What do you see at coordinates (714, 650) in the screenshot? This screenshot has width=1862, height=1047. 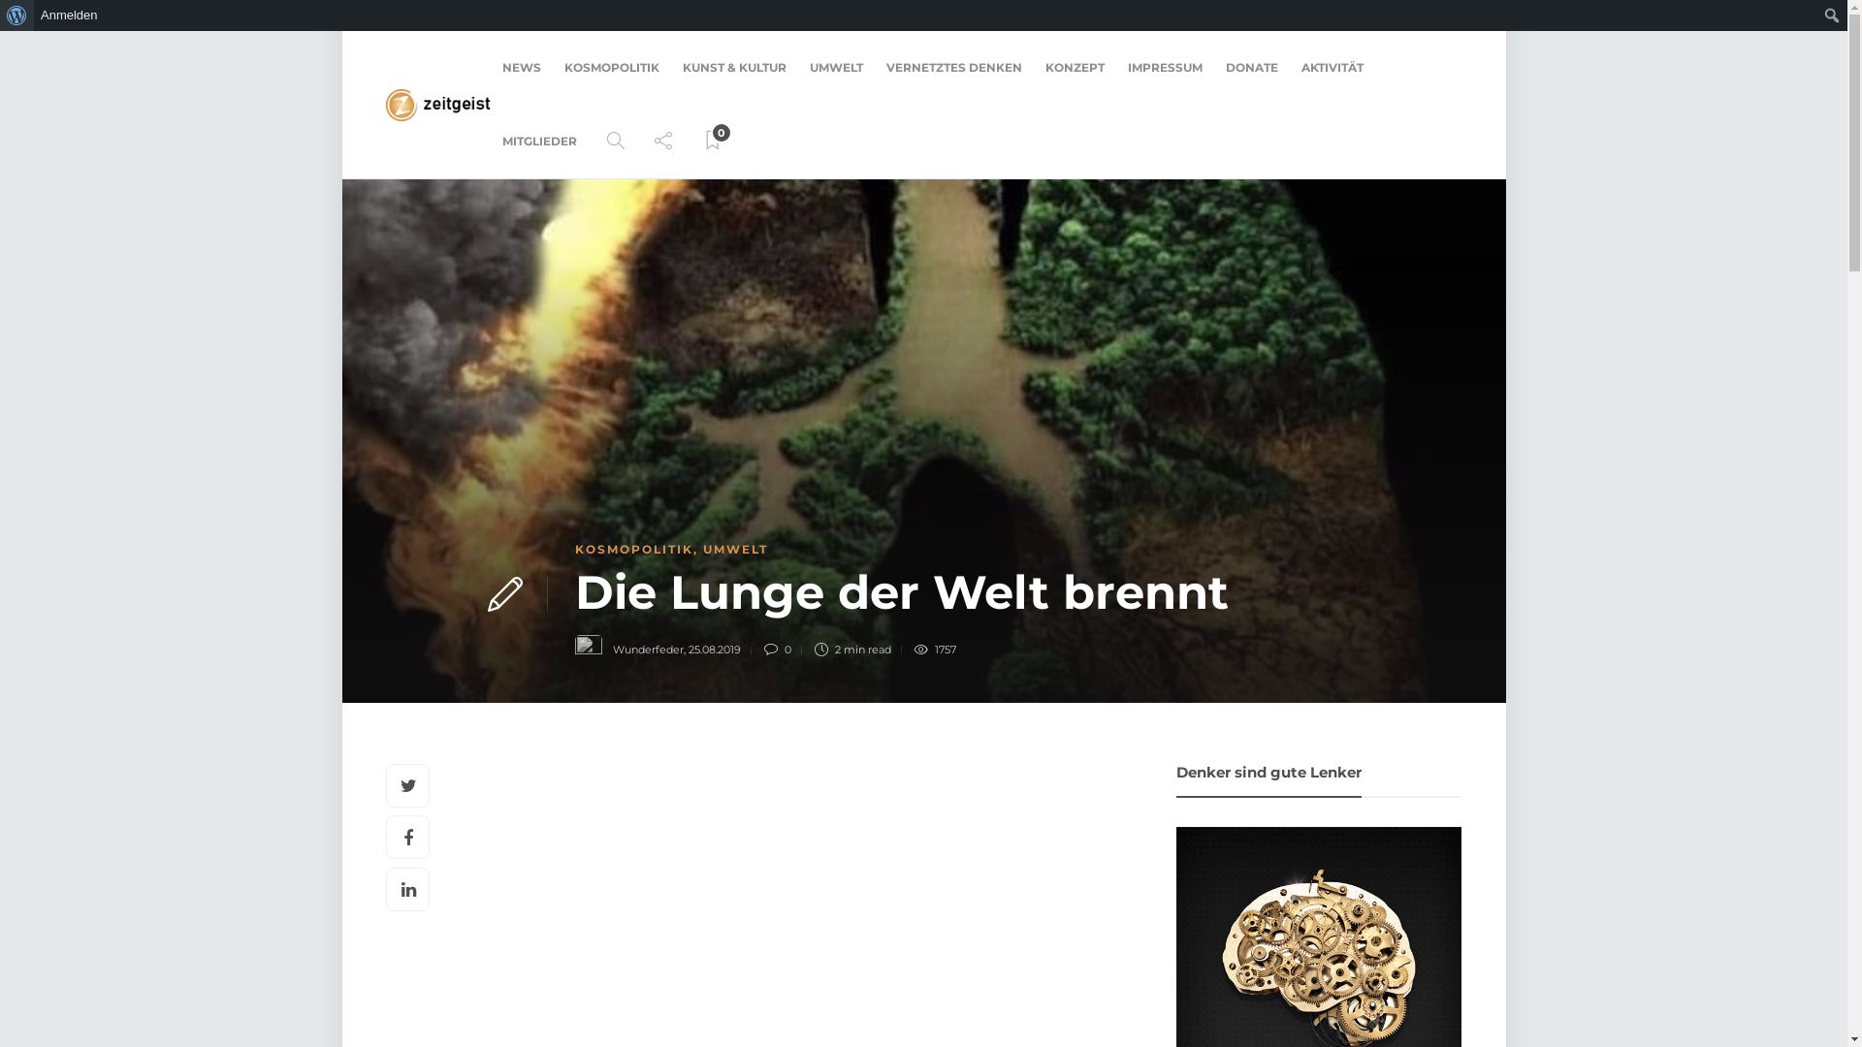 I see `'25.08.2019'` at bounding box center [714, 650].